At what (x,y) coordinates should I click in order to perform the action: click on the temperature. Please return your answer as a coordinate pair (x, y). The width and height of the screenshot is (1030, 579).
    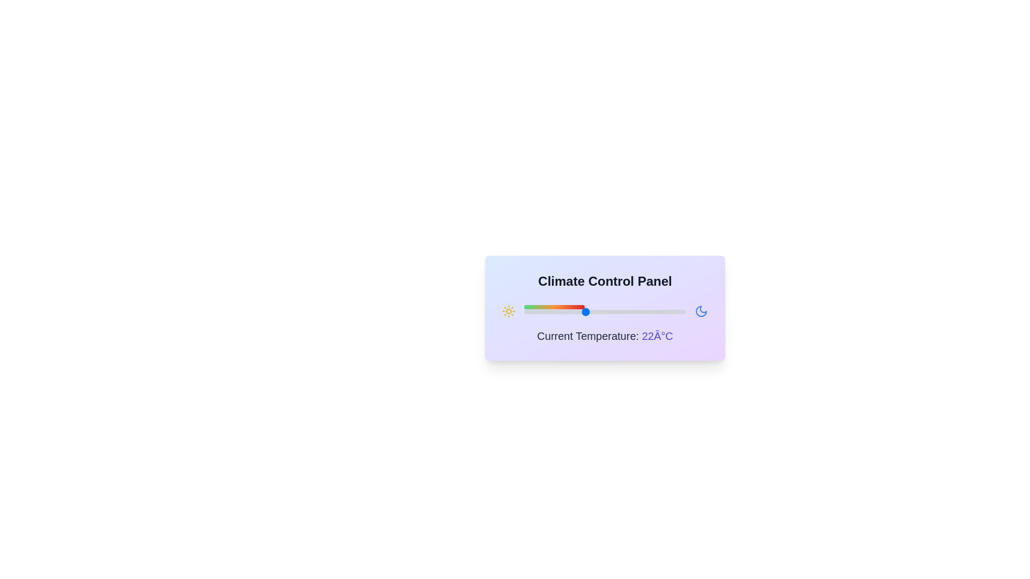
    Looking at the image, I should click on (524, 312).